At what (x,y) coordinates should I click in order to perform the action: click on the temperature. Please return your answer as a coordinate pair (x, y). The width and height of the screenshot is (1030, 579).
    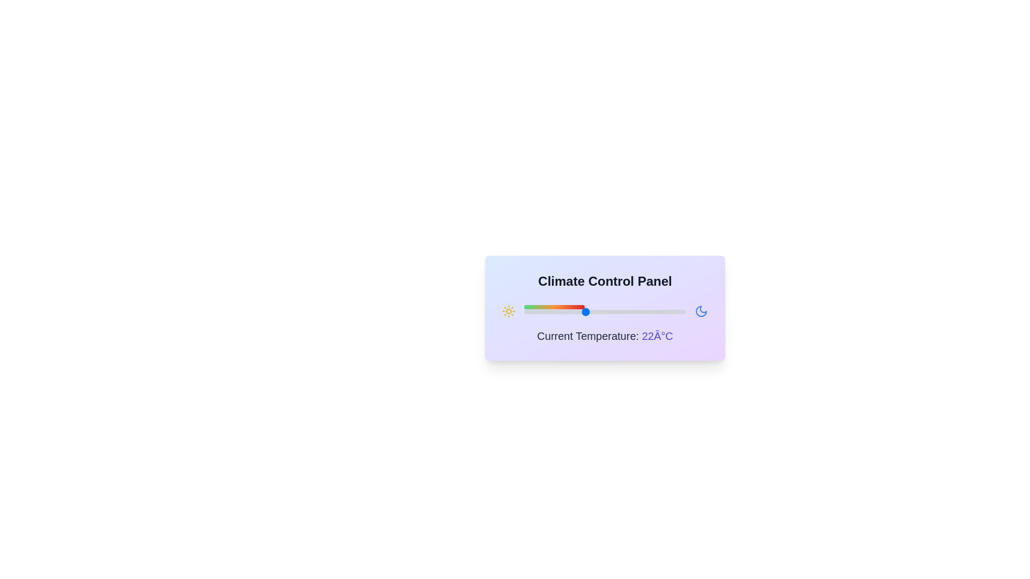
    Looking at the image, I should click on (524, 312).